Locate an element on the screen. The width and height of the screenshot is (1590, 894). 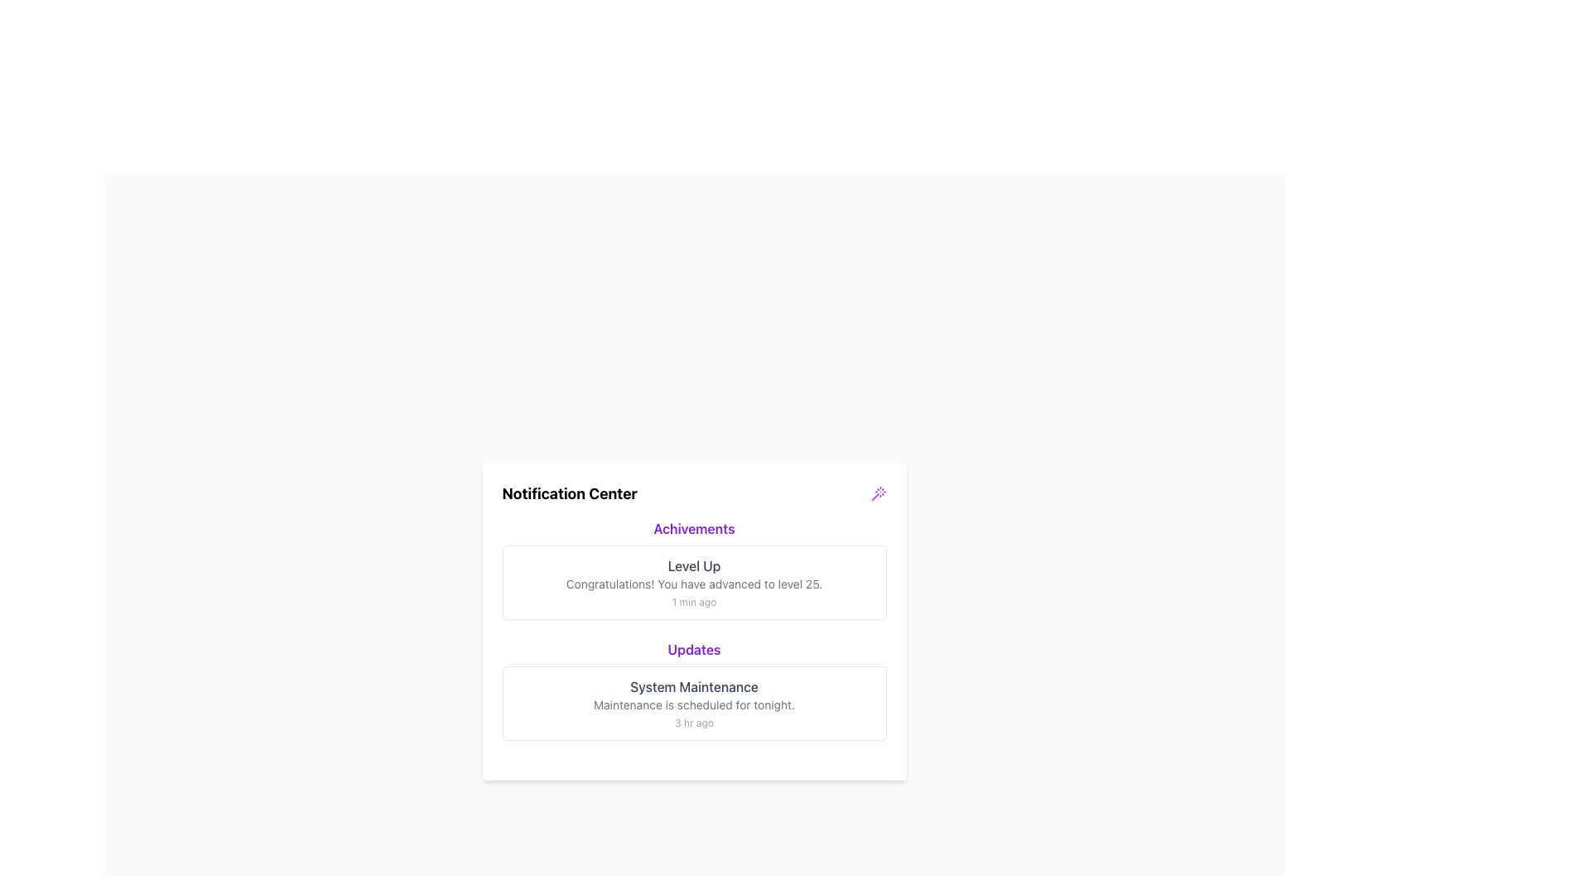
the static Notification card that informs the user about a scheduled maintenance event, located in the Updates section beneath the Achievements card is located at coordinates (694, 703).